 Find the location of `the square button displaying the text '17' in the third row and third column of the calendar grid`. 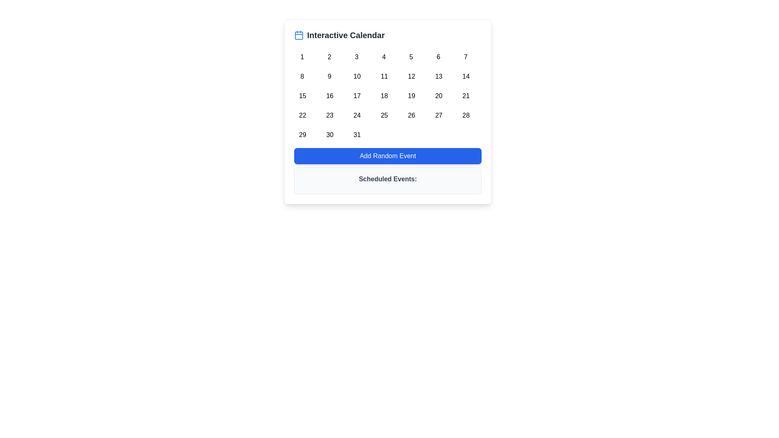

the square button displaying the text '17' in the third row and third column of the calendar grid is located at coordinates (357, 94).